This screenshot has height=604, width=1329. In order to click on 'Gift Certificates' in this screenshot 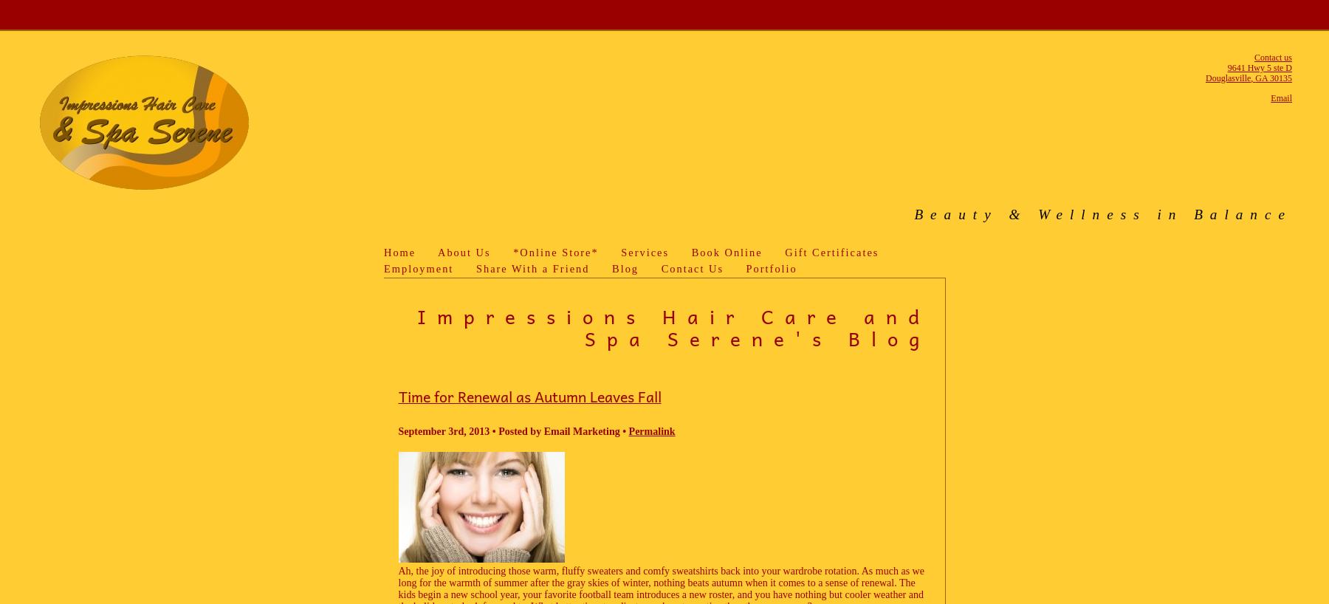, I will do `click(831, 253)`.